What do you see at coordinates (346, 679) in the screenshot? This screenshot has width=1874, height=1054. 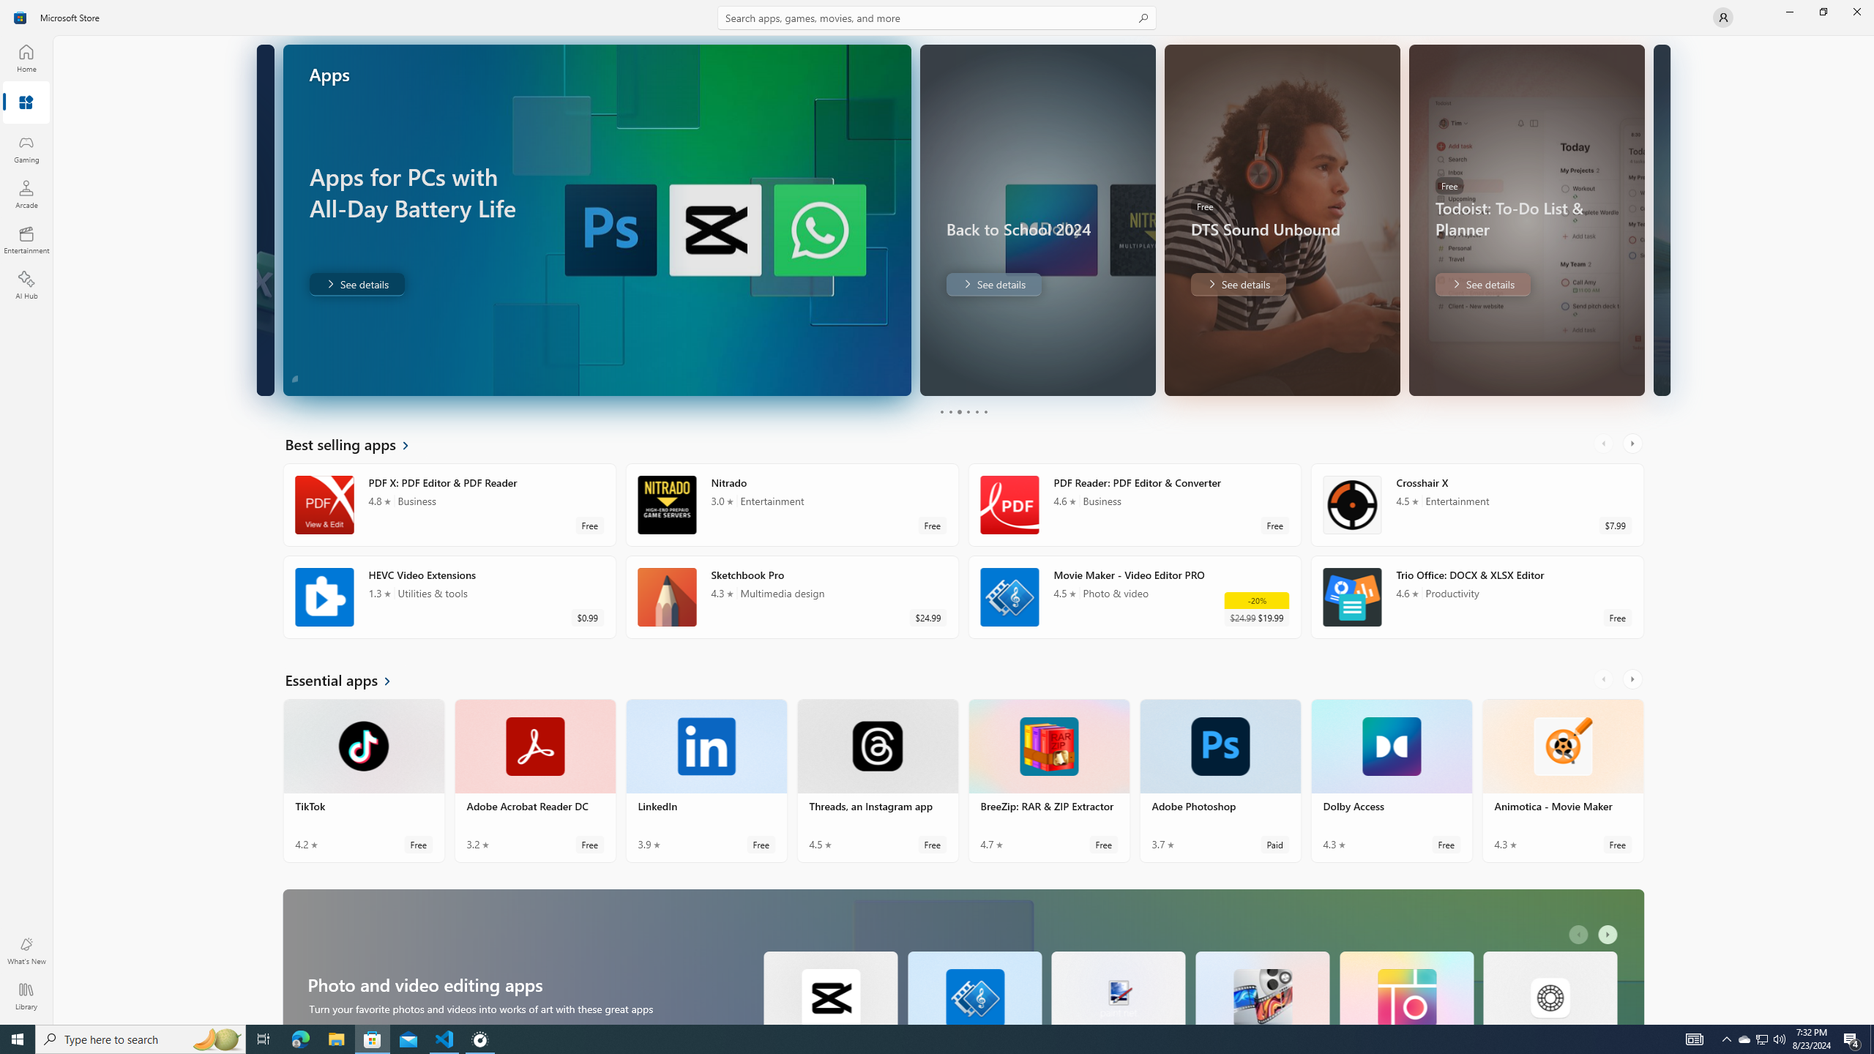 I see `'See all  Essential apps'` at bounding box center [346, 679].